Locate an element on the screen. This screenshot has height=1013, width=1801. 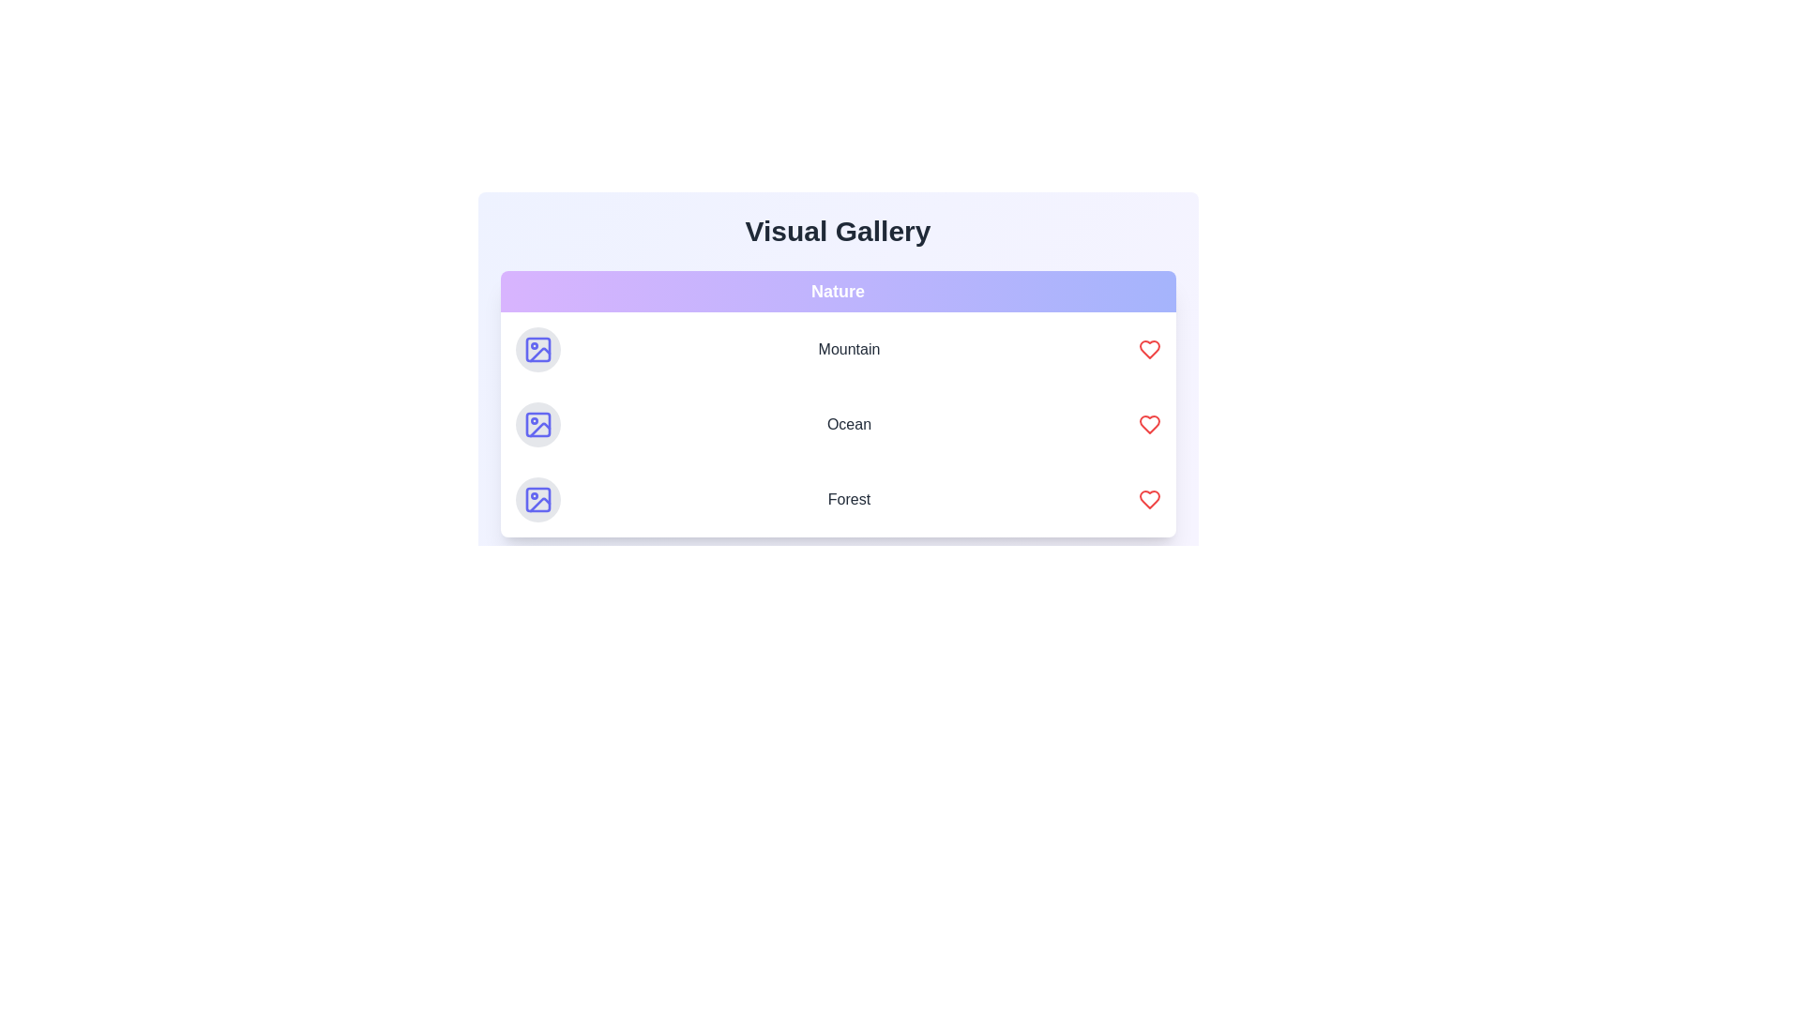
the image icon associated with Ocean to enlarge it is located at coordinates (537, 424).